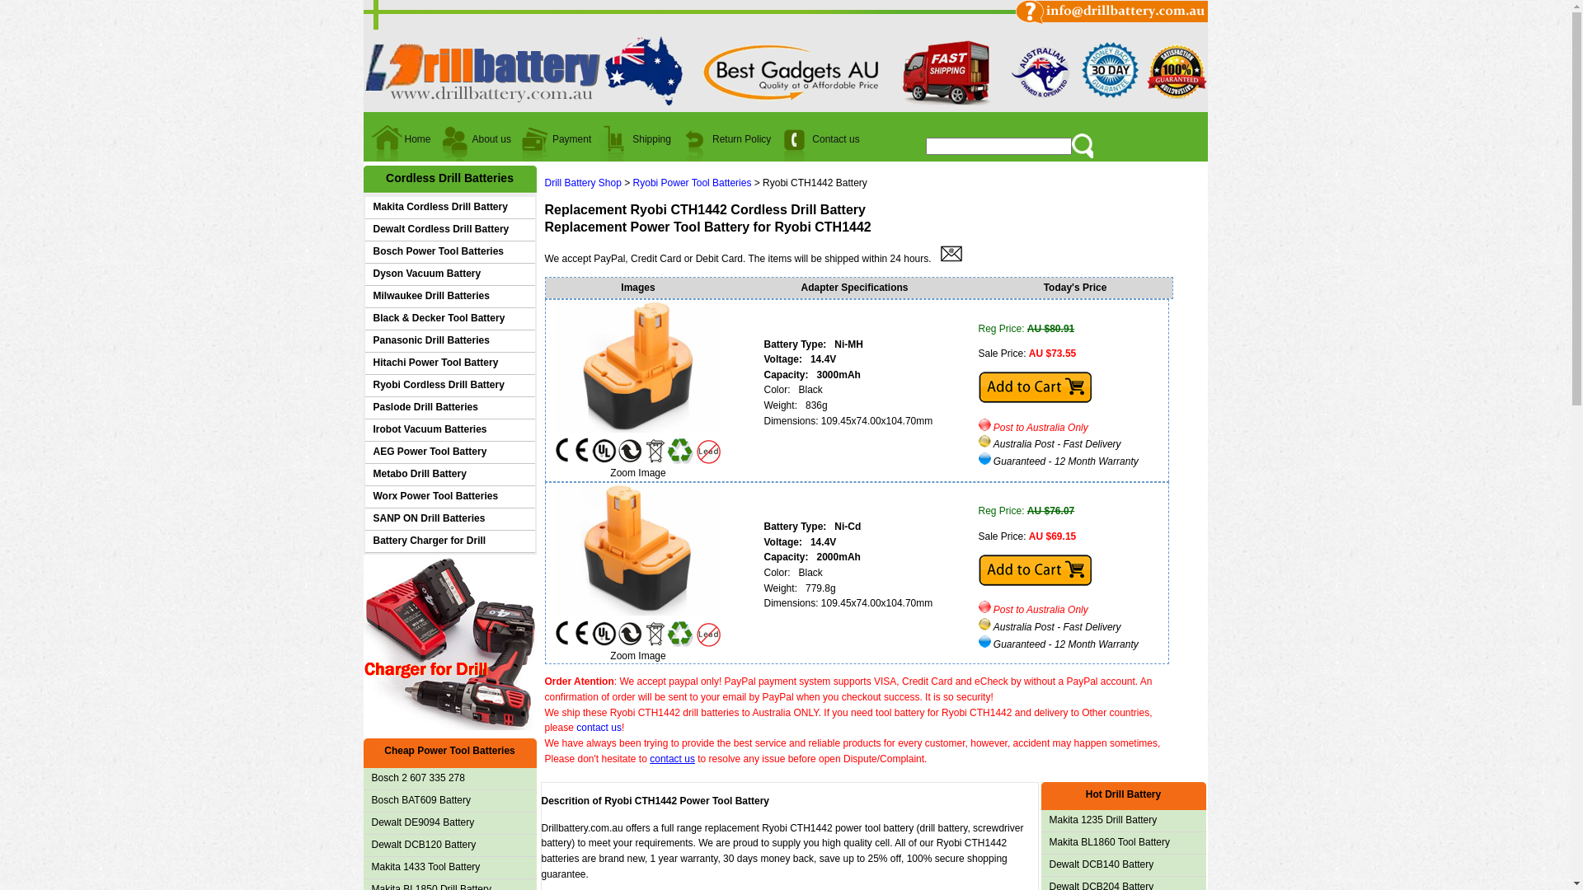  What do you see at coordinates (449, 429) in the screenshot?
I see `'Irobot Vacuum Batteries'` at bounding box center [449, 429].